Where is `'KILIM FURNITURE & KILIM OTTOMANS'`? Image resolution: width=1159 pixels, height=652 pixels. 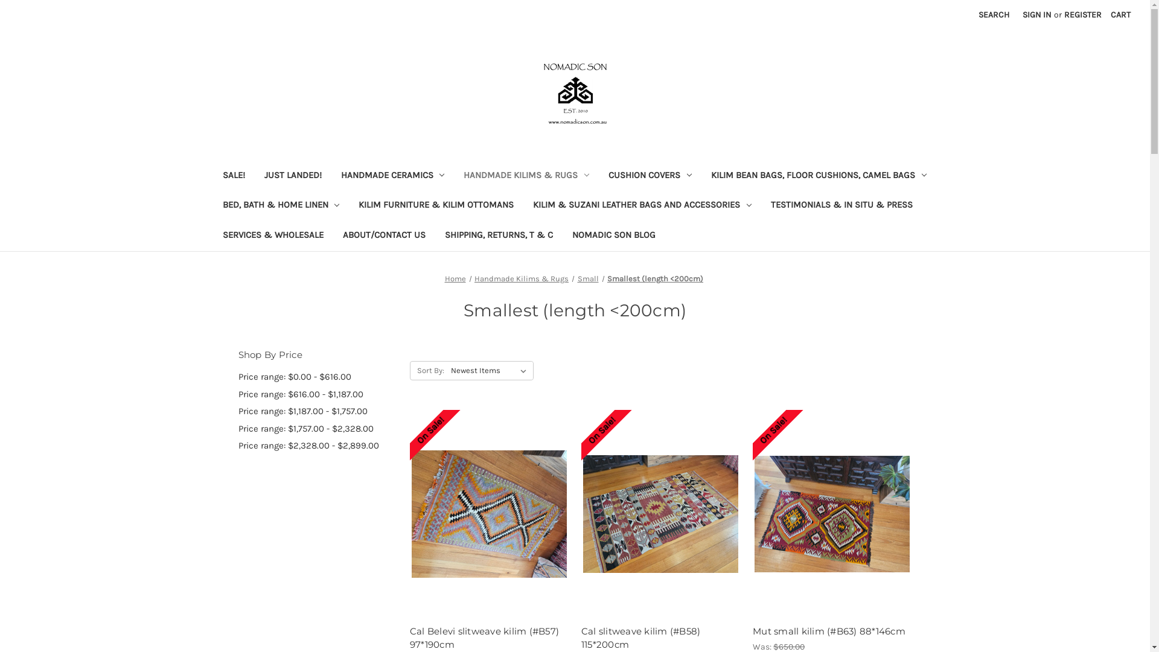 'KILIM FURNITURE & KILIM OTTOMANS' is located at coordinates (435, 205).